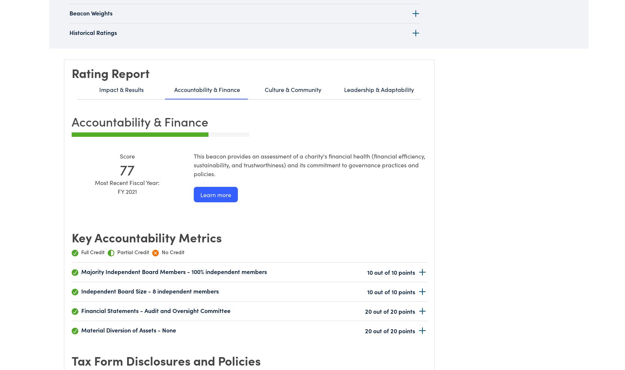 The image size is (625, 370). Describe the element at coordinates (69, 13) in the screenshot. I see `'Beacon Weights'` at that location.